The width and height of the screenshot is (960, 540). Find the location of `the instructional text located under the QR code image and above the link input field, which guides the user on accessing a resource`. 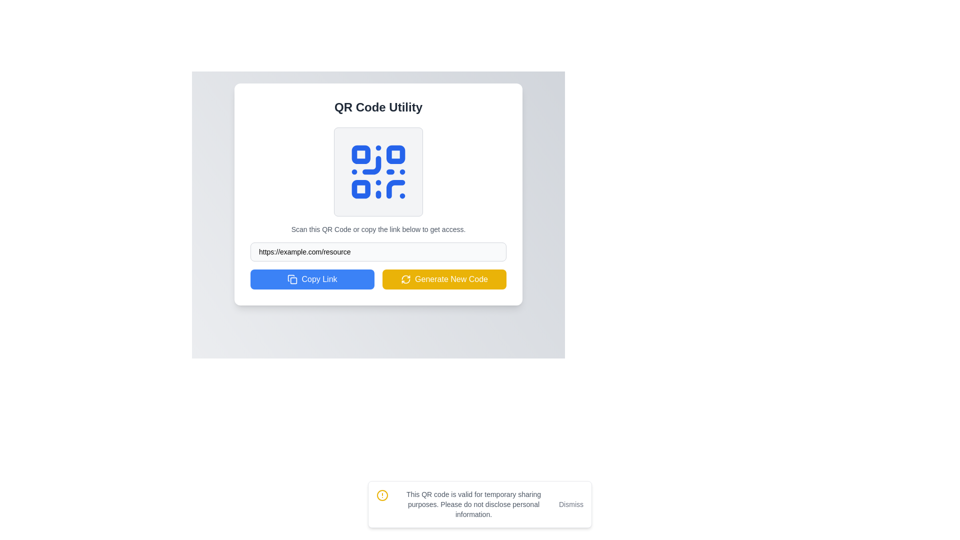

the instructional text located under the QR code image and above the link input field, which guides the user on accessing a resource is located at coordinates (378, 229).